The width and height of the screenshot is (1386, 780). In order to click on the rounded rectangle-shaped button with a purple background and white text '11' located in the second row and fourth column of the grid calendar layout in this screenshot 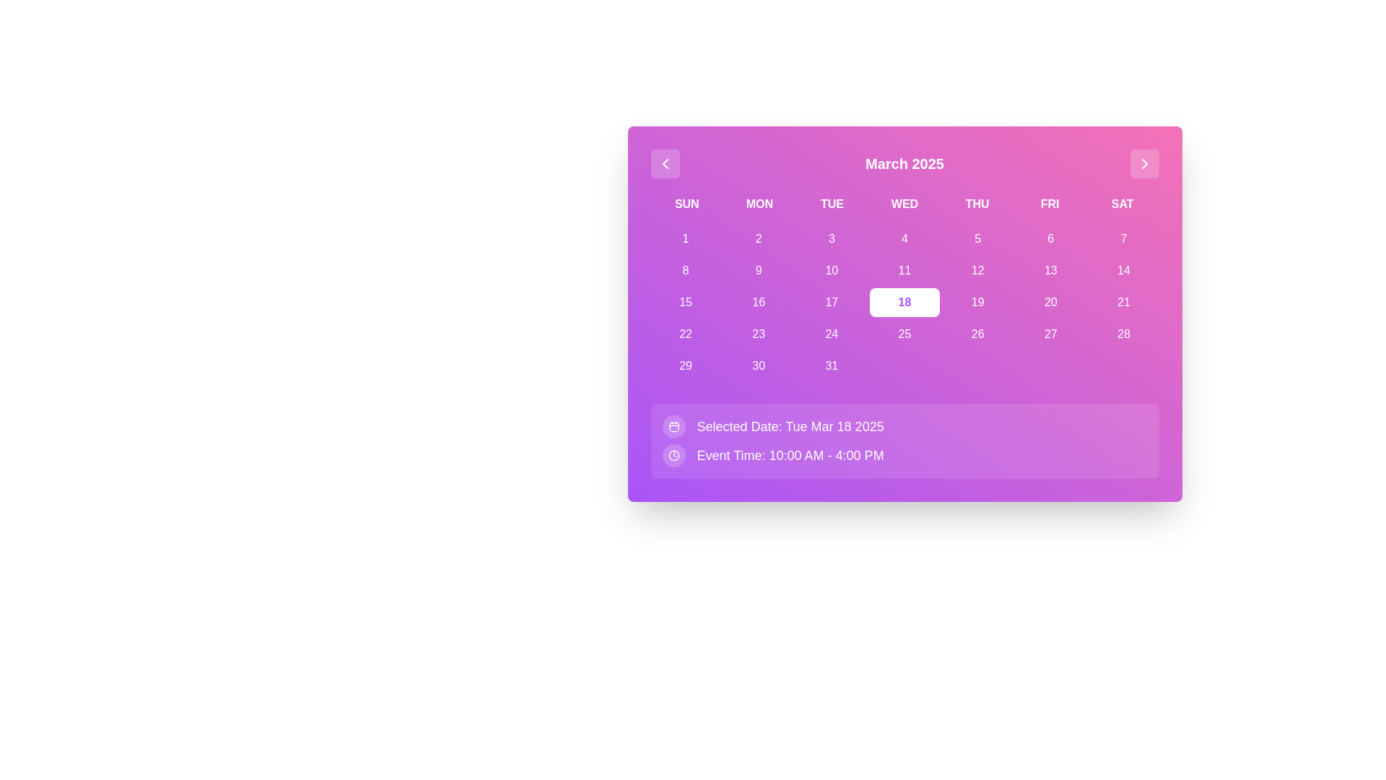, I will do `click(904, 270)`.